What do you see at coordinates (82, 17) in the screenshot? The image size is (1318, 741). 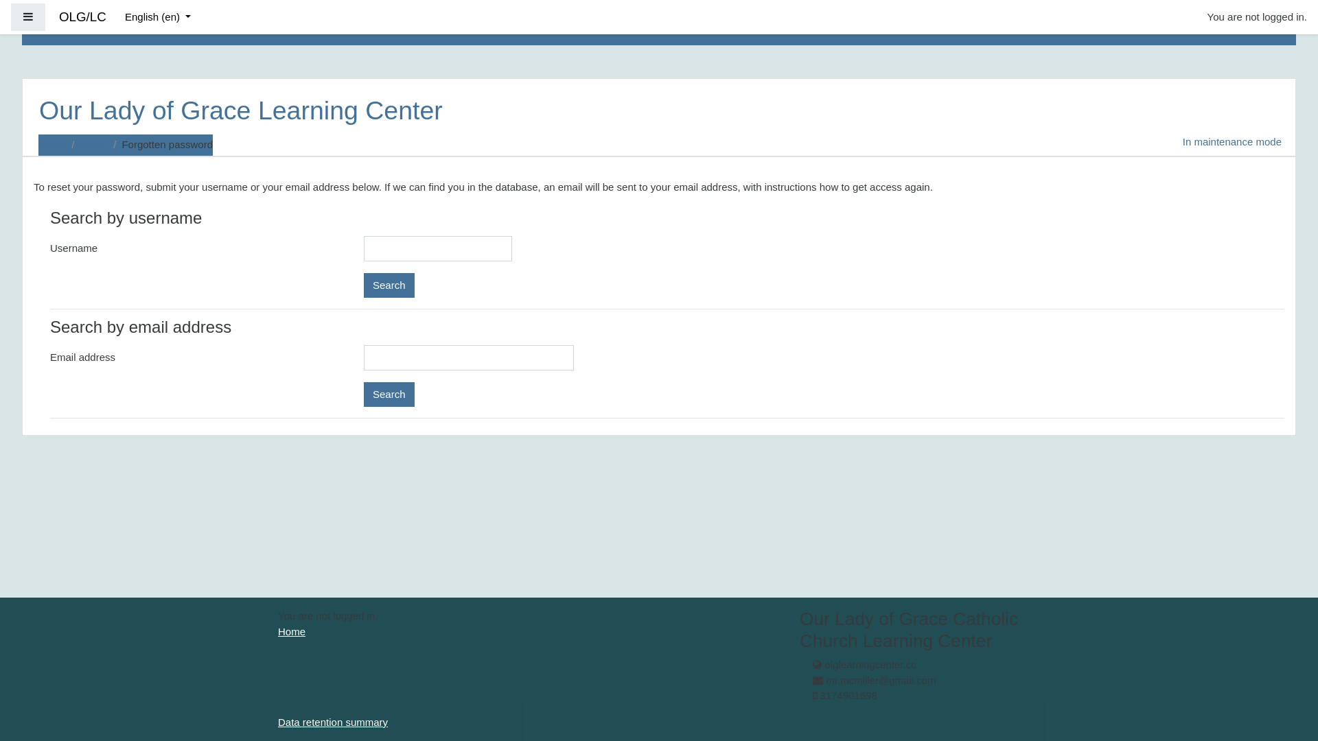 I see `'OLG/LC'` at bounding box center [82, 17].